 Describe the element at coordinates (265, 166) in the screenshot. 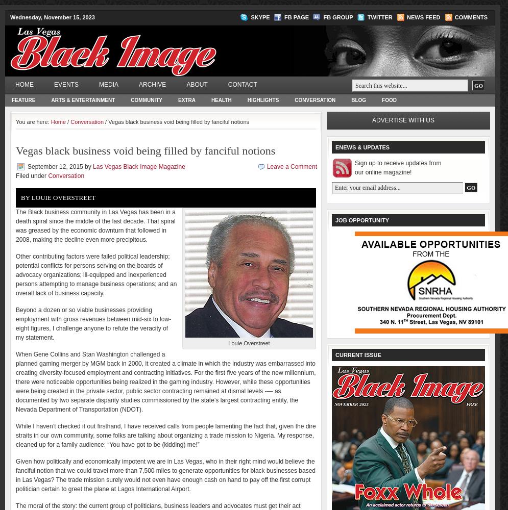

I see `'Leave a Comment'` at that location.